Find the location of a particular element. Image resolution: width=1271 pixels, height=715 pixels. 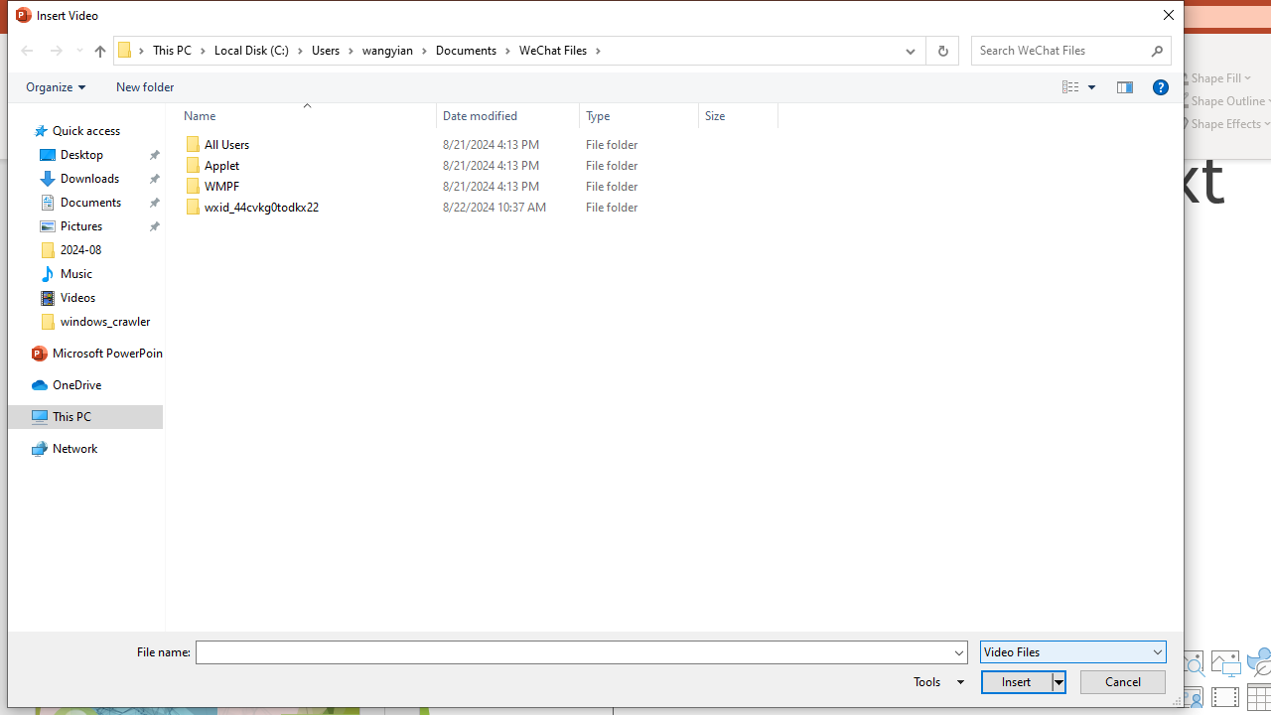

'View Slider' is located at coordinates (1090, 85).